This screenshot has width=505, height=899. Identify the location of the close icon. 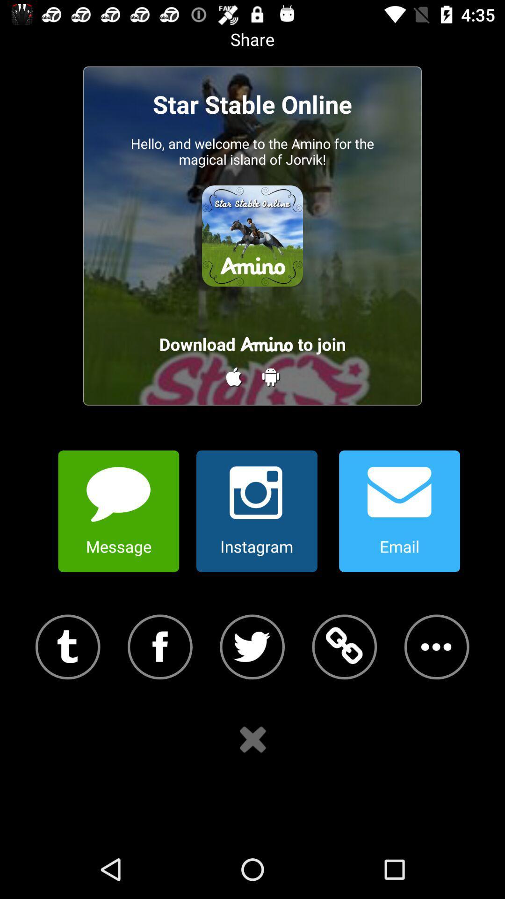
(252, 790).